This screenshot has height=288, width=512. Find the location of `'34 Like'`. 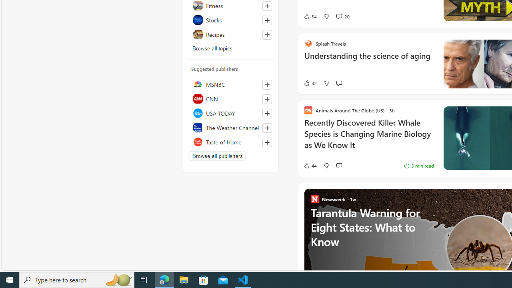

'34 Like' is located at coordinates (310, 16).